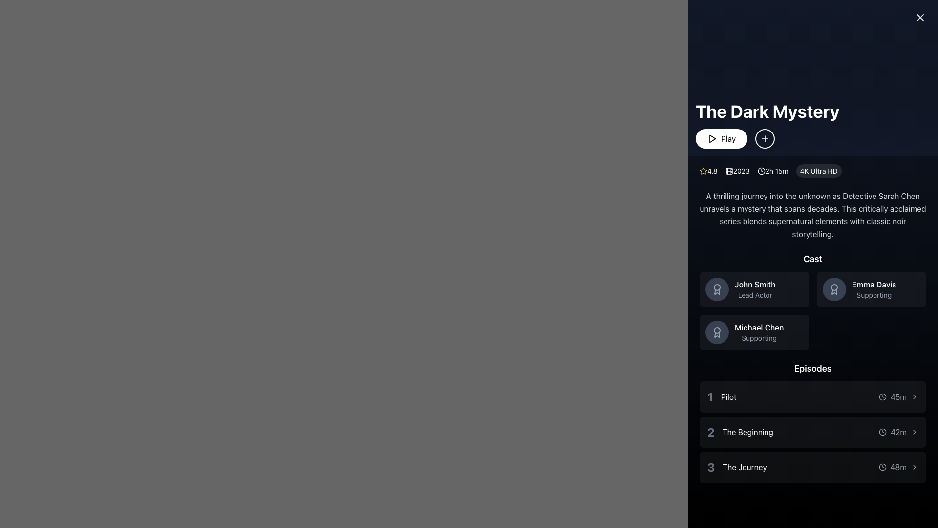  I want to click on the Text Label indicating the role of cast member Emma Davis, located beneath the text 'Emma Davis' in the cast details section, so click(874, 295).